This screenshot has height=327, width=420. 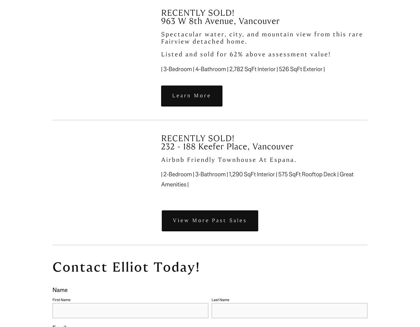 I want to click on 'Spectacular water, city, and mountain view from this rare Fairview detached home.', so click(x=263, y=38).